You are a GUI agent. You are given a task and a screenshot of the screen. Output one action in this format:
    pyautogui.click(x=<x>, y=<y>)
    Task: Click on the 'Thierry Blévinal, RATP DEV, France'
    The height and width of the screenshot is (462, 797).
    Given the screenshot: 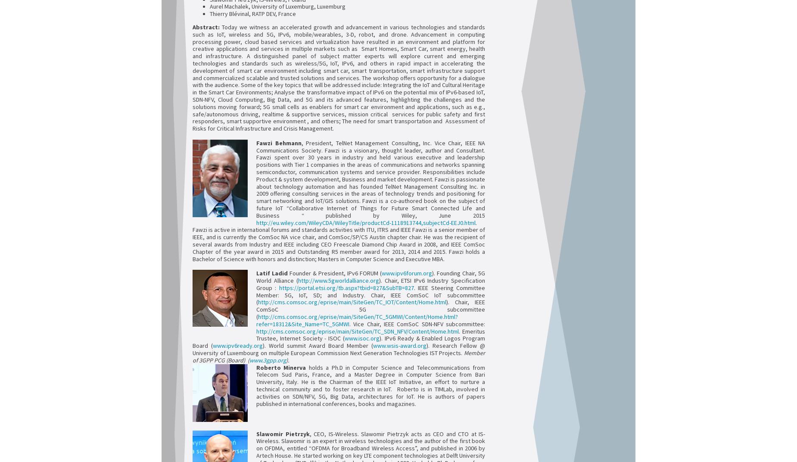 What is the action you would take?
    pyautogui.click(x=209, y=13)
    